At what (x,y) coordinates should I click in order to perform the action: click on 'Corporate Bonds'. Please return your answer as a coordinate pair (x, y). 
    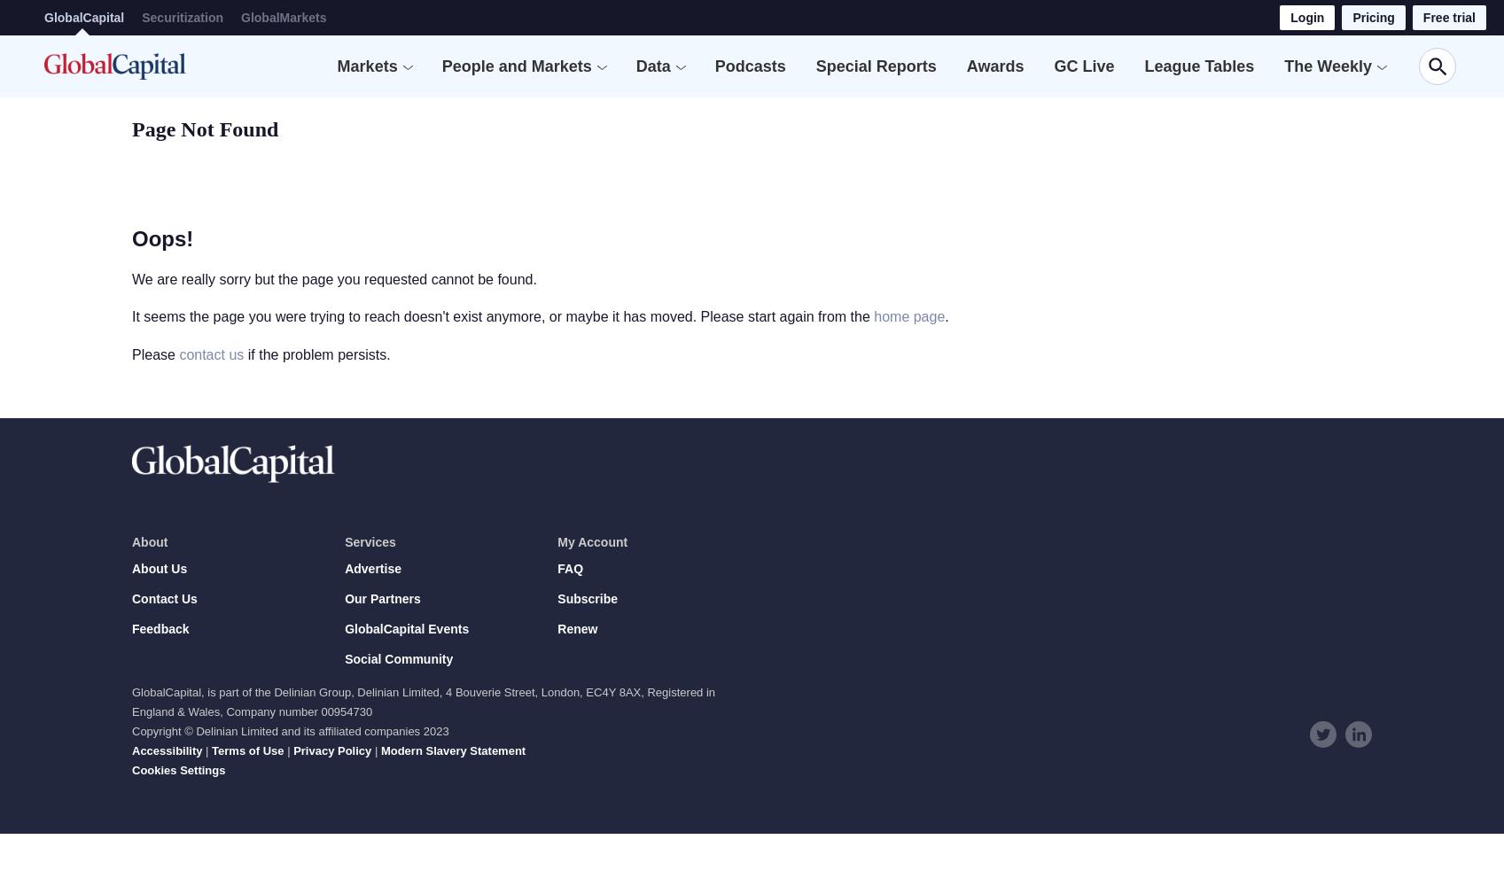
    Looking at the image, I should click on (363, 243).